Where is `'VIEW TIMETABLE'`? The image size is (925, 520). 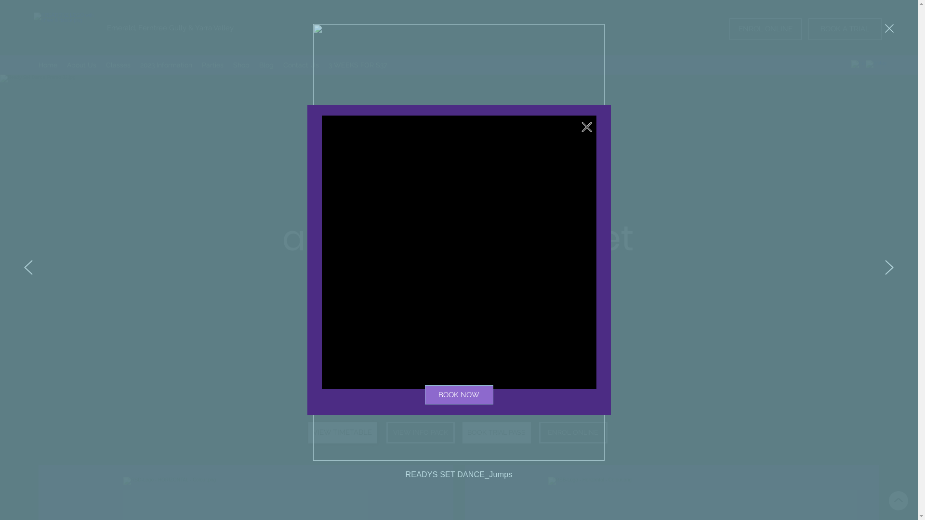 'VIEW TIMETABLE' is located at coordinates (342, 432).